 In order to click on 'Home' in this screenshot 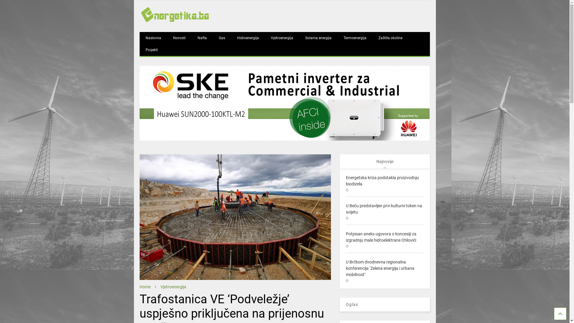, I will do `click(145, 287)`.